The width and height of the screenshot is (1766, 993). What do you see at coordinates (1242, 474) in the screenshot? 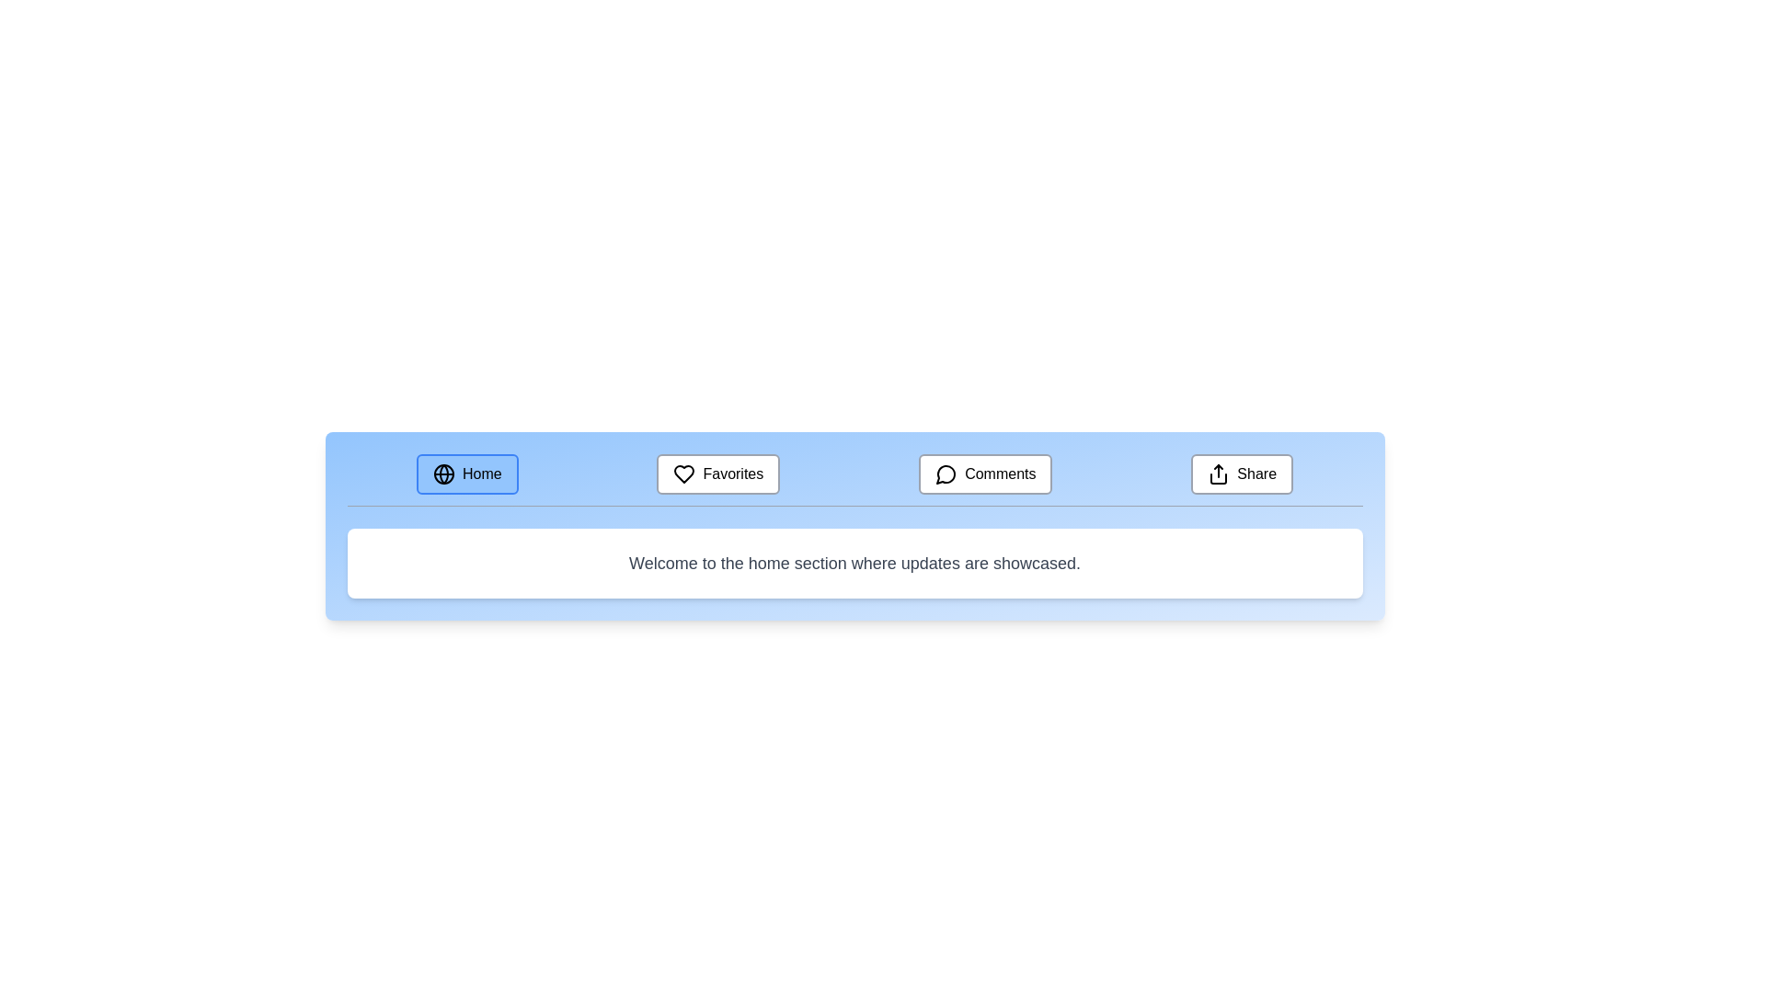
I see `the Share tab by clicking on it` at bounding box center [1242, 474].